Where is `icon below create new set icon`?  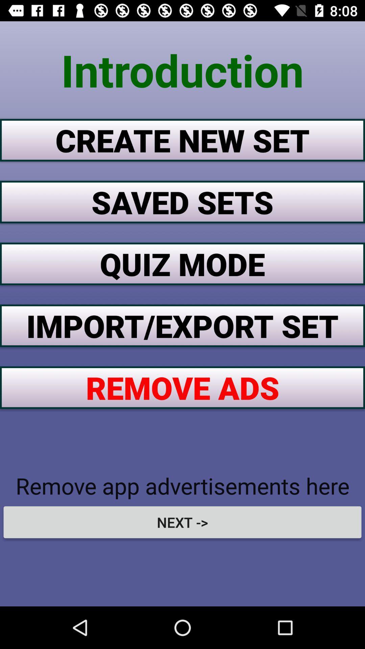
icon below create new set icon is located at coordinates (182, 201).